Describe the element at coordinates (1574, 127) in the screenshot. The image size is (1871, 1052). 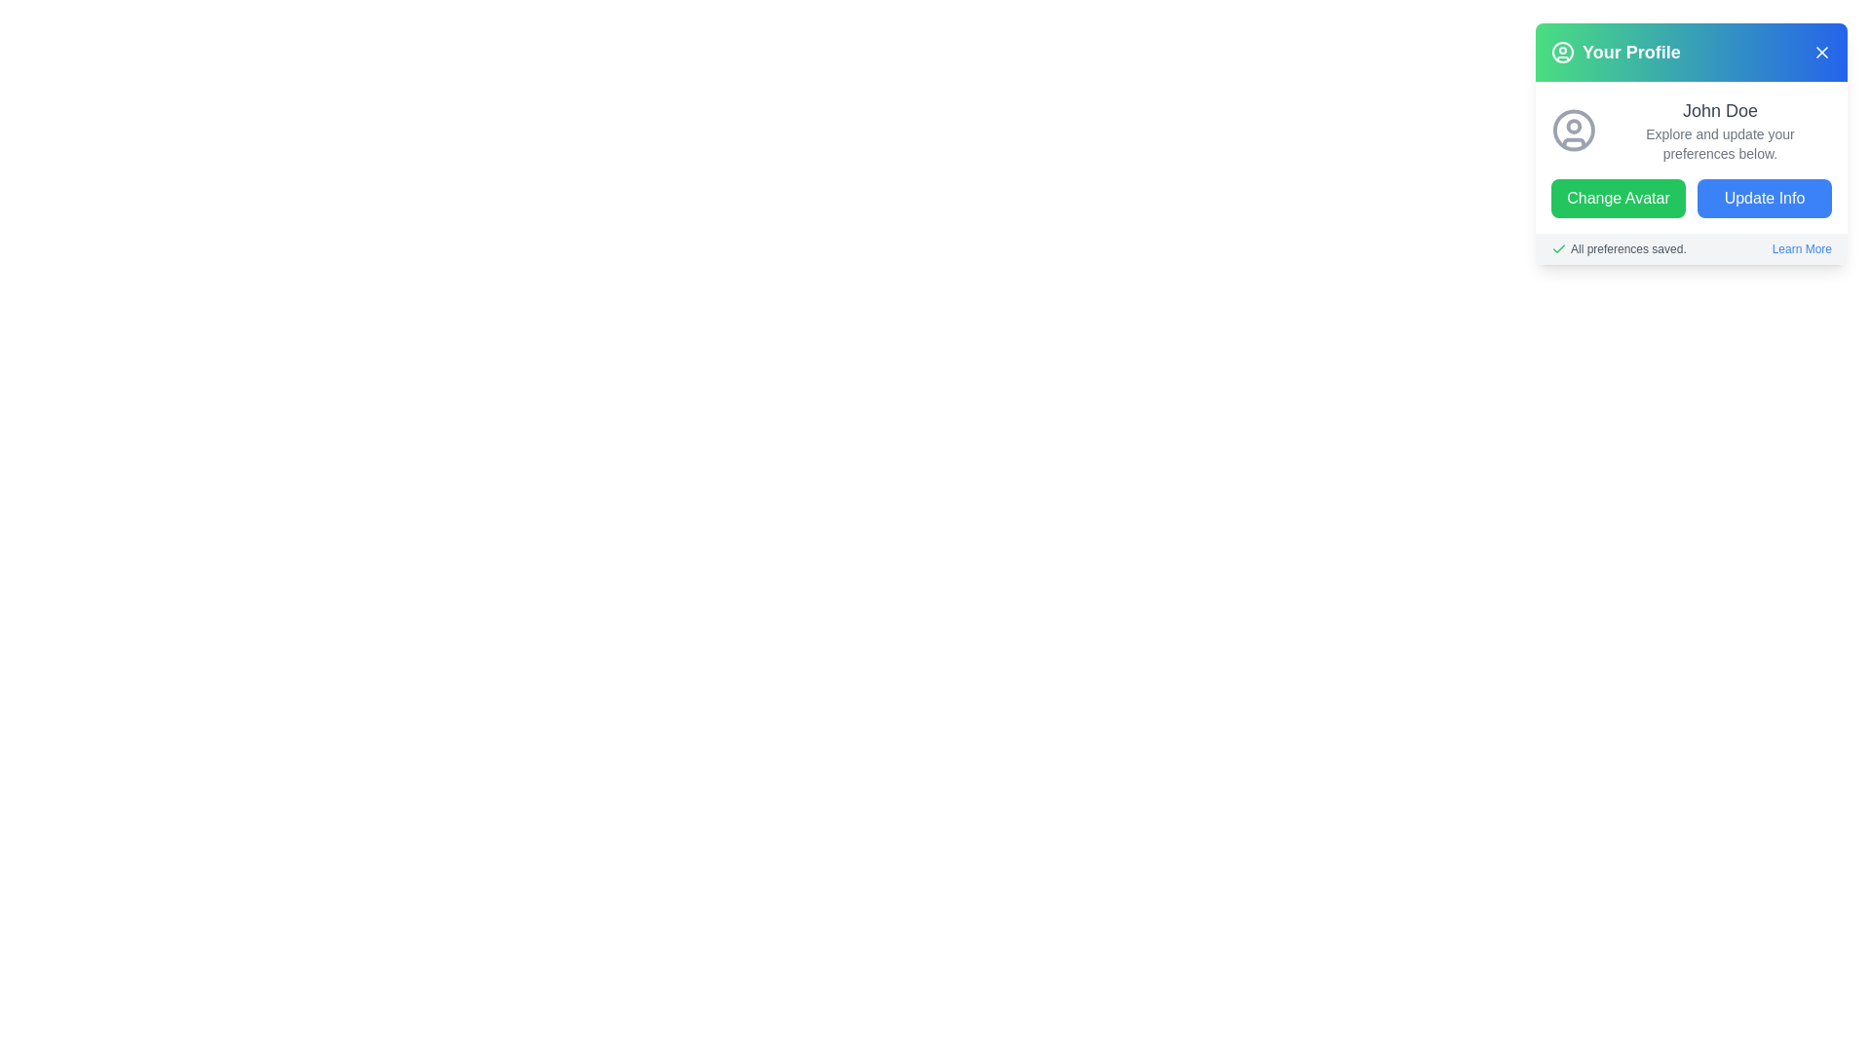
I see `the user's profile picture placeholder, which is represented as a smaller inner circle within the user icon at the top-left area of the profile card` at that location.